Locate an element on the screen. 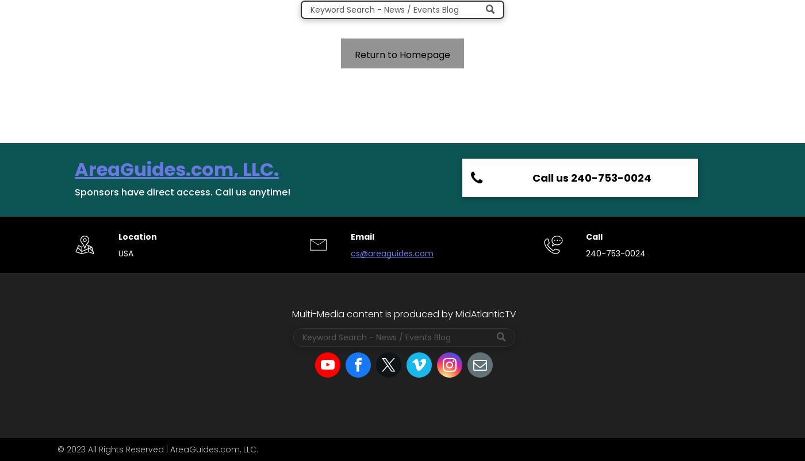 The width and height of the screenshot is (805, 461). 'Return to Homepage' is located at coordinates (402, 55).